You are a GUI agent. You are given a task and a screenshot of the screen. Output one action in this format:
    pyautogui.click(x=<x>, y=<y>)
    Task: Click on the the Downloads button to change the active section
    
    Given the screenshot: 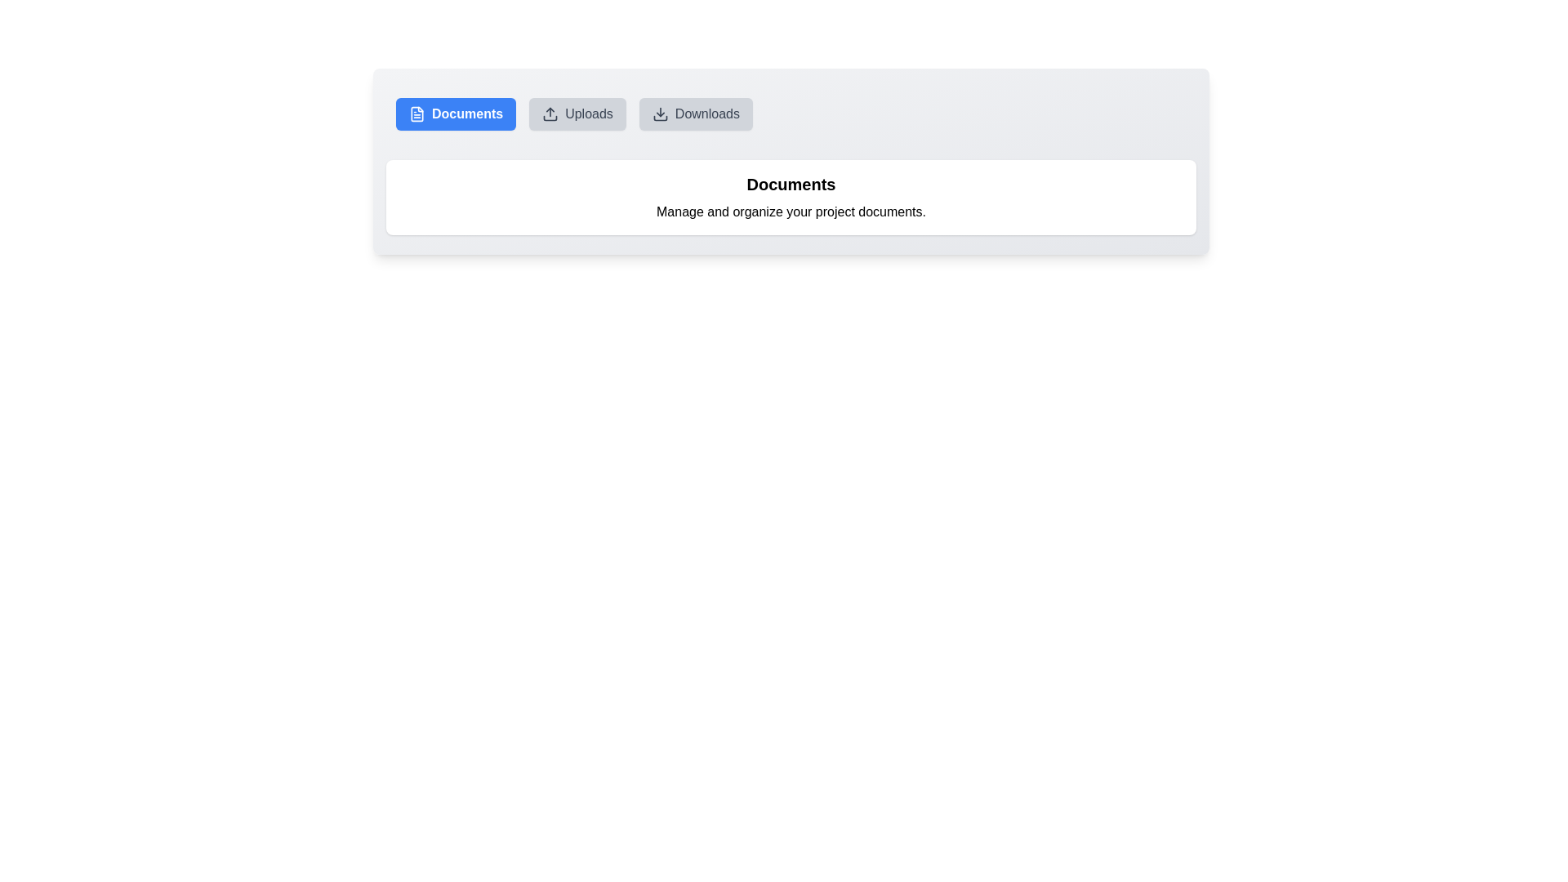 What is the action you would take?
    pyautogui.click(x=695, y=113)
    